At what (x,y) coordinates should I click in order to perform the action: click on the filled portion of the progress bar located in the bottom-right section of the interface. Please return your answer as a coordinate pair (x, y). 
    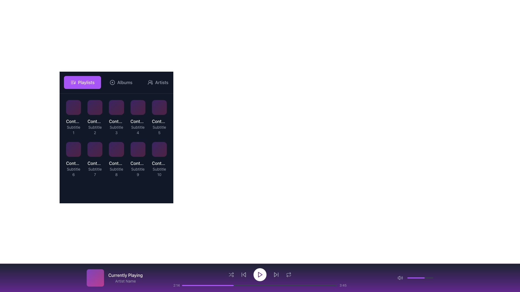
    Looking at the image, I should click on (416, 278).